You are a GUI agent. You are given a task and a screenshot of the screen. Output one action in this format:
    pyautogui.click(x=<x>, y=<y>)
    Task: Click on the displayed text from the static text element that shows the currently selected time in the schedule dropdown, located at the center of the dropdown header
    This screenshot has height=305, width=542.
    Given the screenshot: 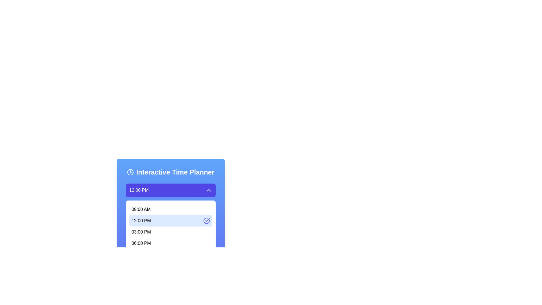 What is the action you would take?
    pyautogui.click(x=139, y=190)
    